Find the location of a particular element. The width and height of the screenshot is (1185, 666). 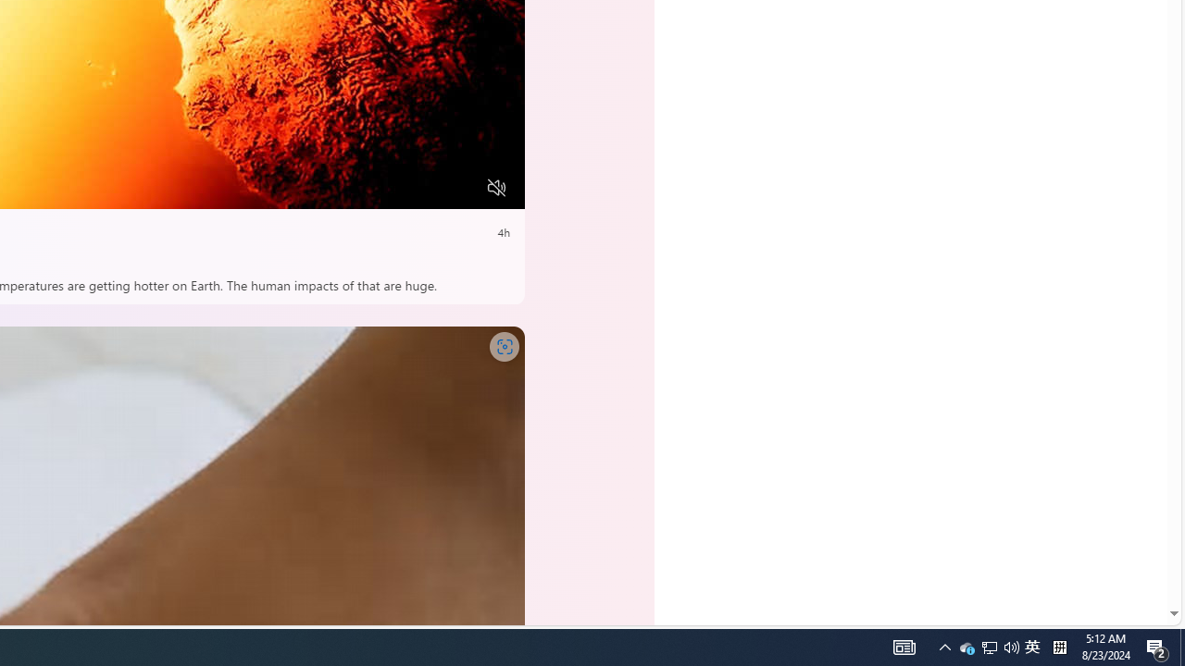

'Unmute' is located at coordinates (496, 188).